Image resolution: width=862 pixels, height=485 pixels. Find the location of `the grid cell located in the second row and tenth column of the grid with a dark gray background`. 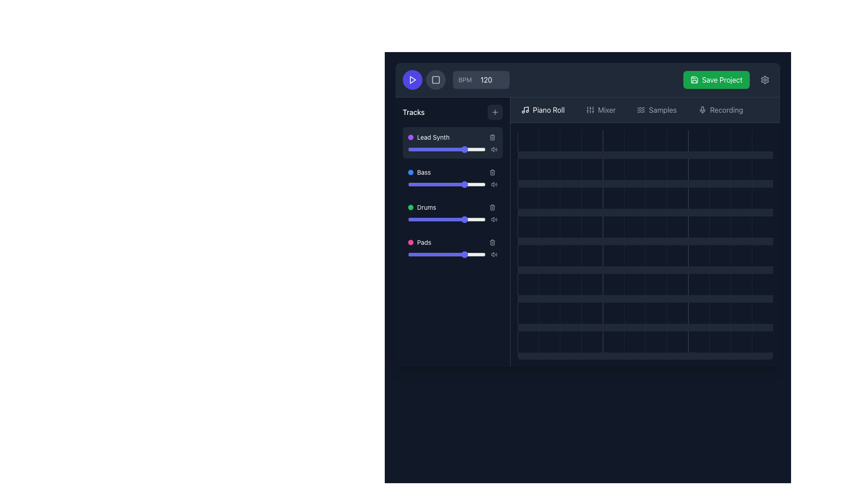

the grid cell located in the second row and tenth column of the grid with a dark gray background is located at coordinates (720, 169).